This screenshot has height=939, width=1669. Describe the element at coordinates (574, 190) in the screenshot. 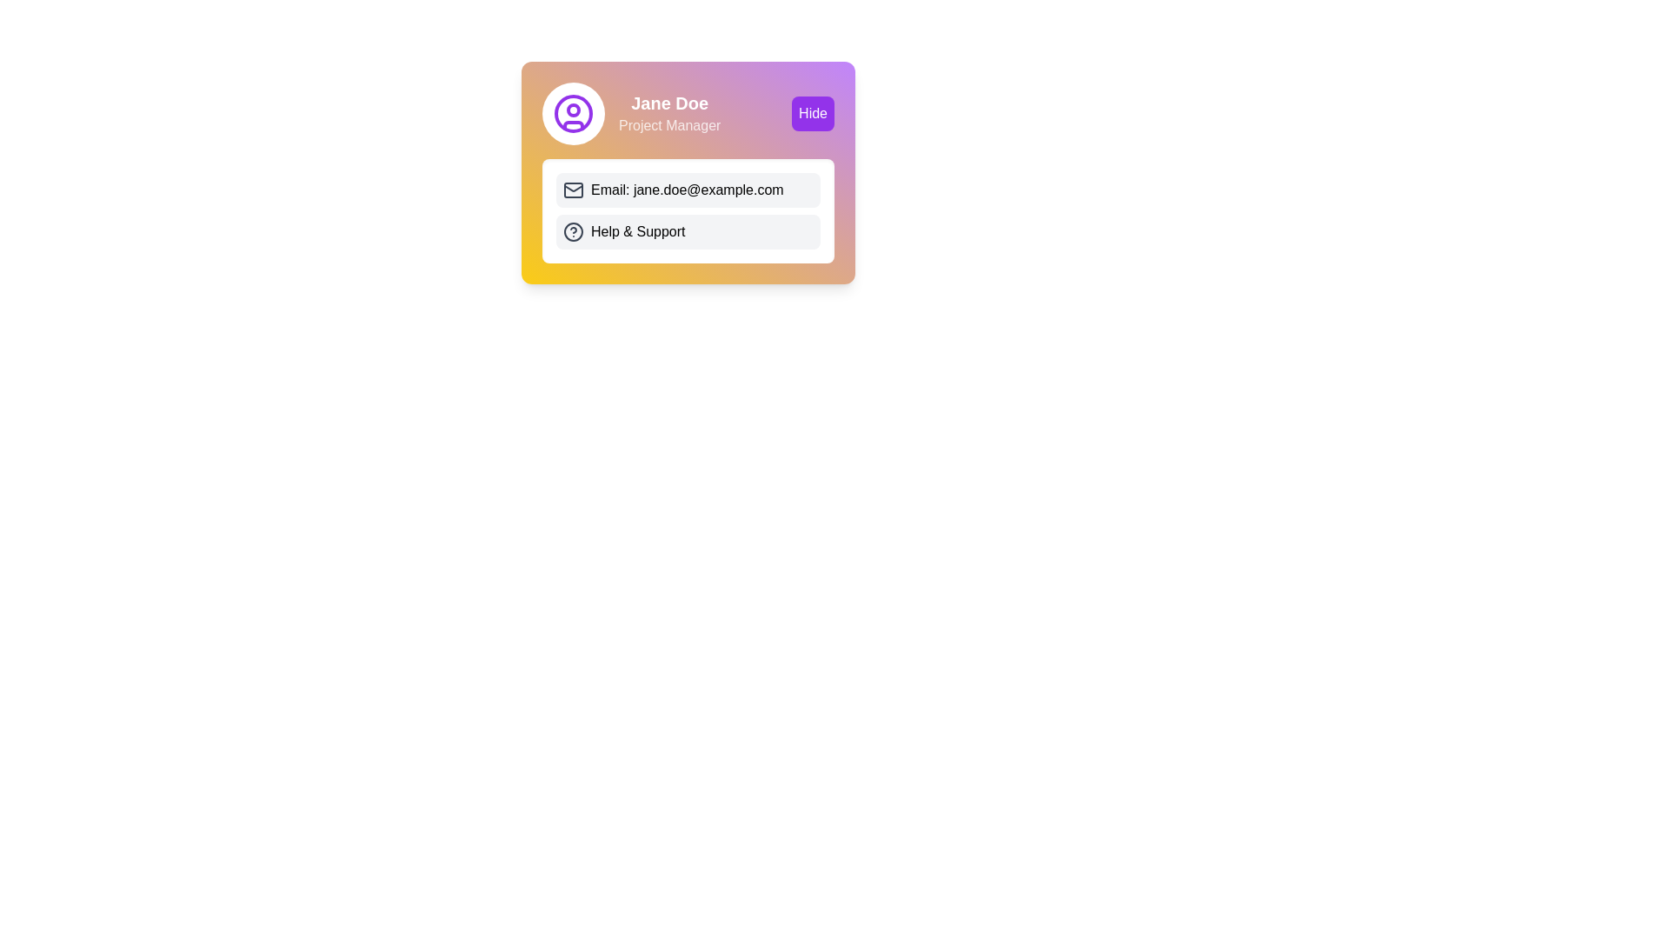

I see `the outermost rectangle with rounded corners of the mail icon located next to the textual label 'Email: jane.doe@example.com' within the user card interface` at that location.